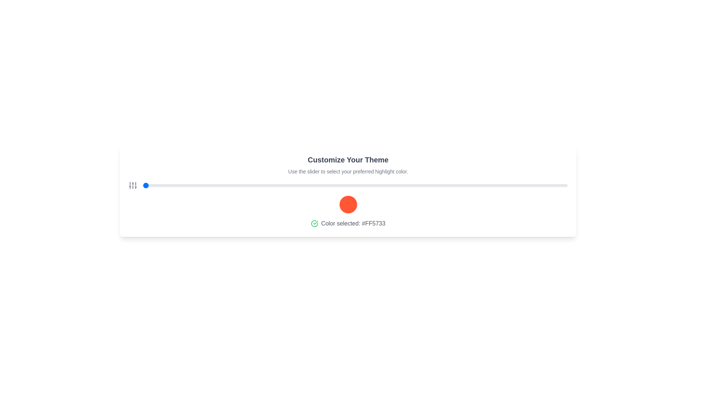  Describe the element at coordinates (133, 185) in the screenshot. I see `the first icon resembling sliders, arranged vertically` at that location.